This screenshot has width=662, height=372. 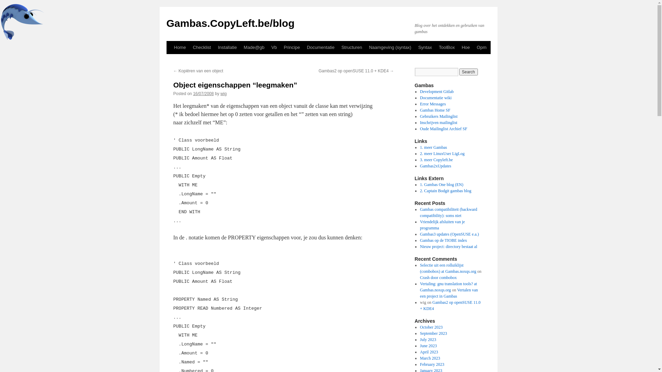 I want to click on 'Search', so click(x=459, y=72).